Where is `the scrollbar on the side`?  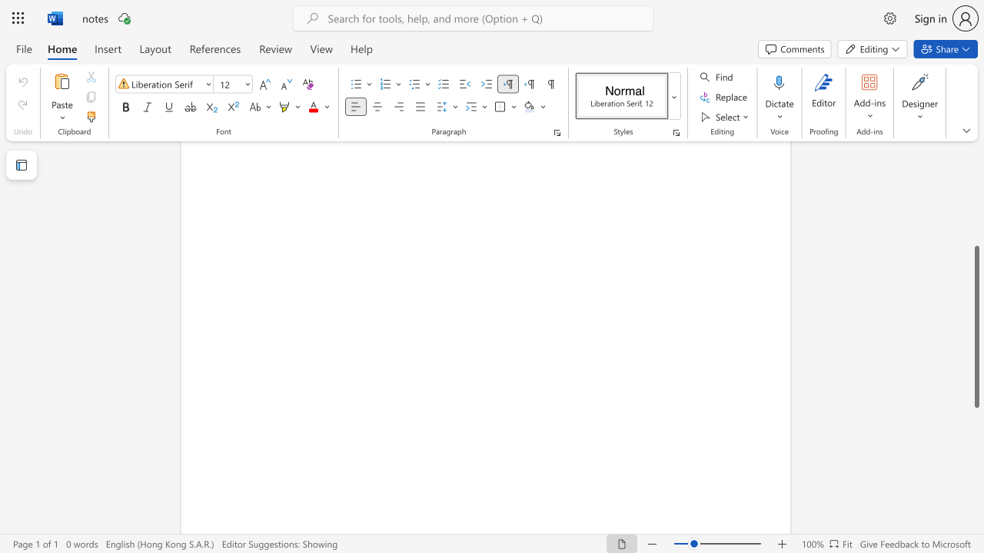 the scrollbar on the side is located at coordinates (976, 175).